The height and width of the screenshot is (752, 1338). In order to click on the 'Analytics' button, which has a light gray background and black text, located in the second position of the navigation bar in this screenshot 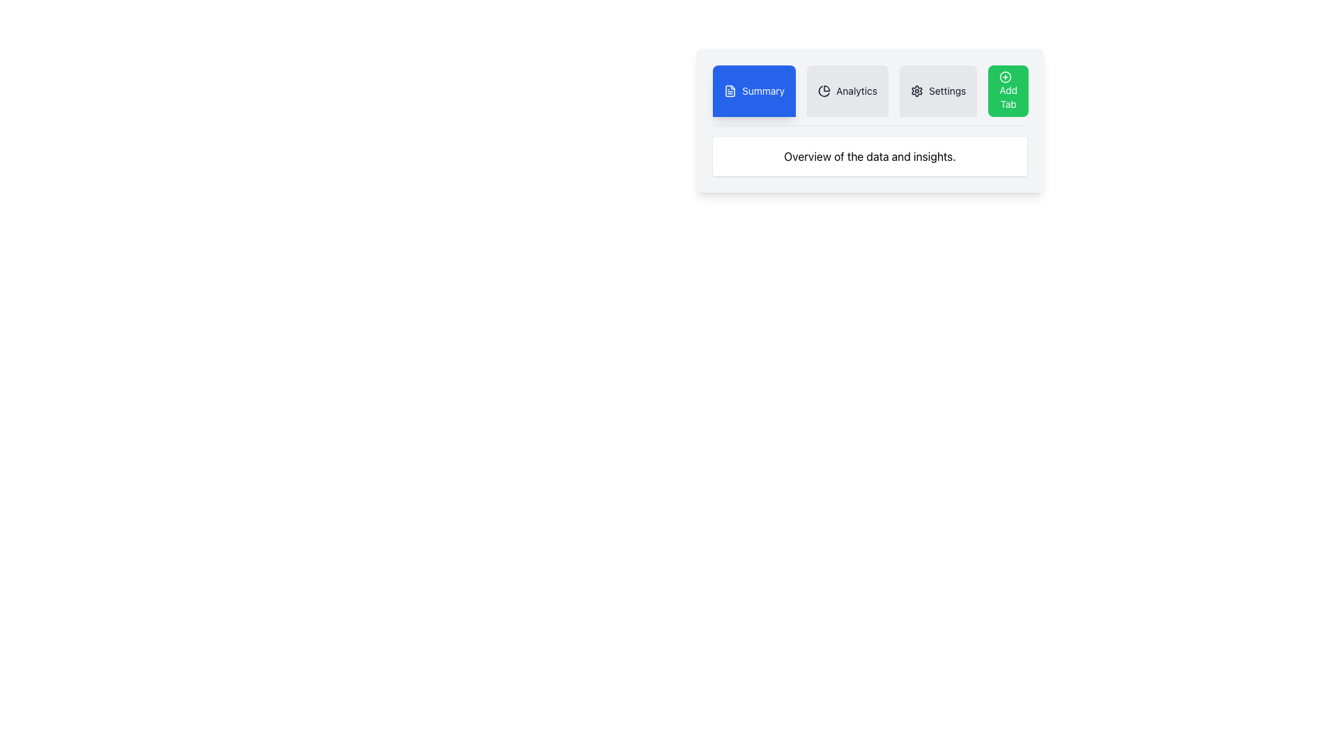, I will do `click(869, 95)`.